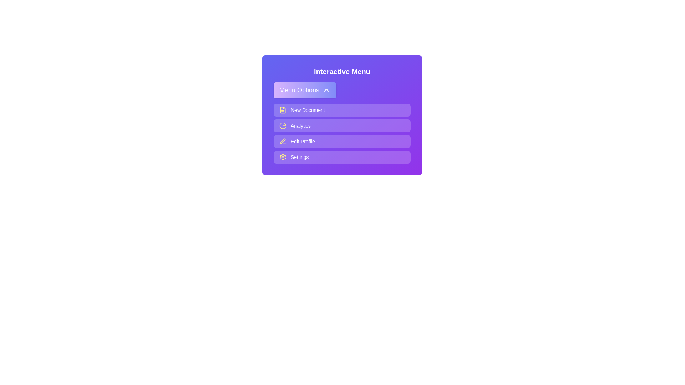 This screenshot has width=685, height=385. I want to click on the Text label that serves as the title or heading of the menu, positioned at the top of the purple gradient box, above the 'Menu Options' section, so click(342, 71).